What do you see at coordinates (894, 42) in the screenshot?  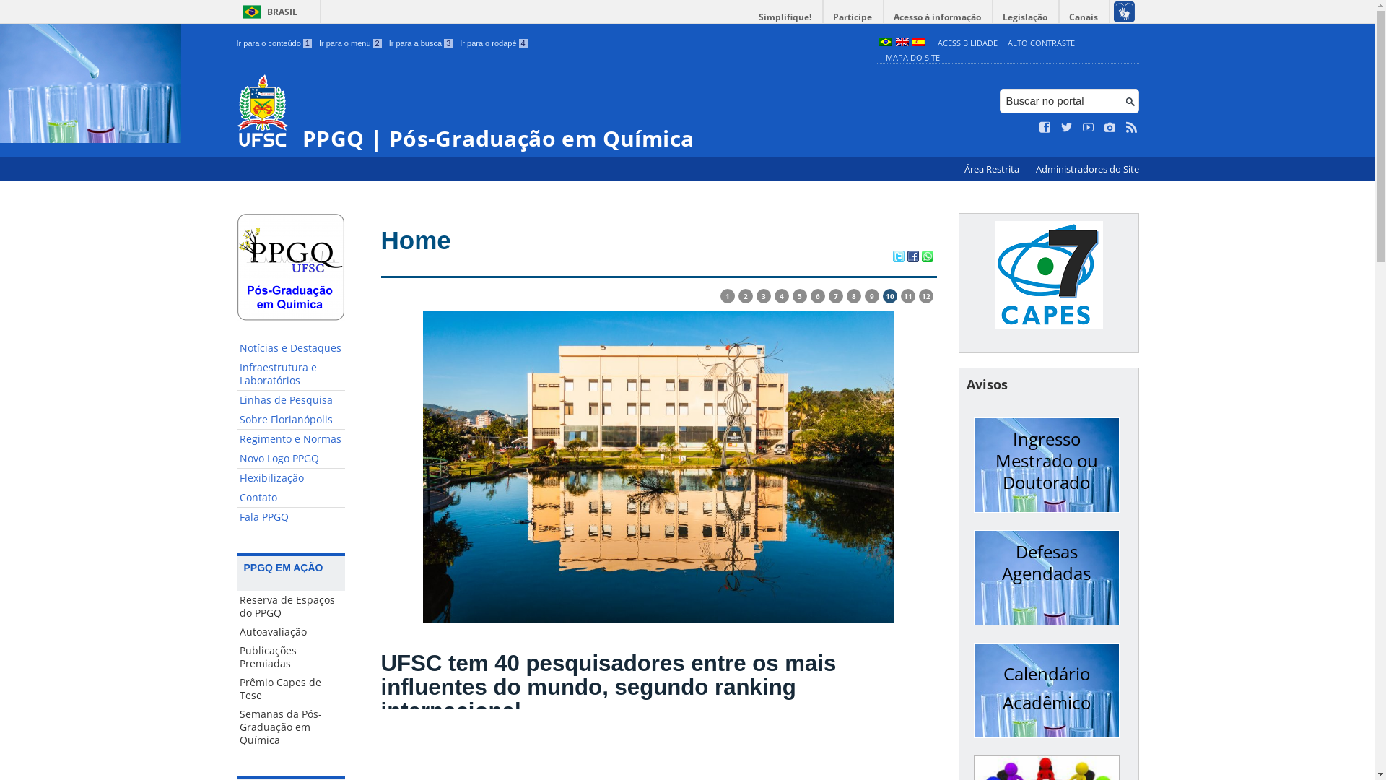 I see `'English (en)'` at bounding box center [894, 42].